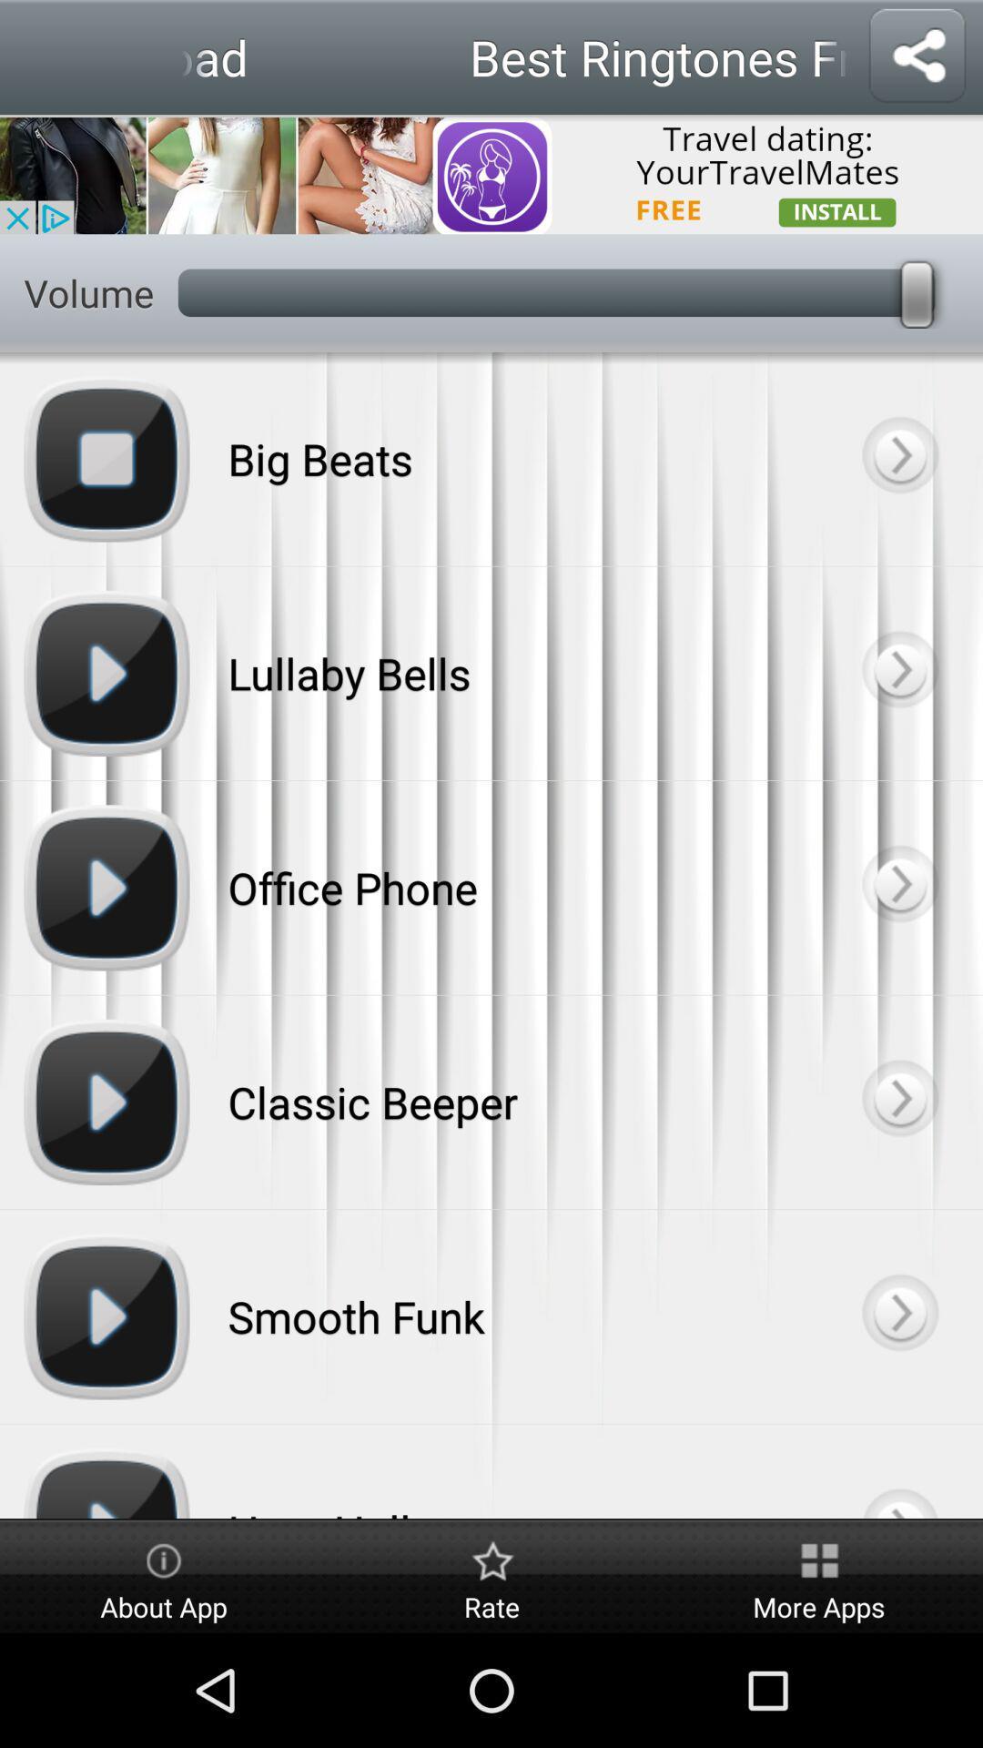 Image resolution: width=983 pixels, height=1748 pixels. What do you see at coordinates (898, 1101) in the screenshot?
I see `background` at bounding box center [898, 1101].